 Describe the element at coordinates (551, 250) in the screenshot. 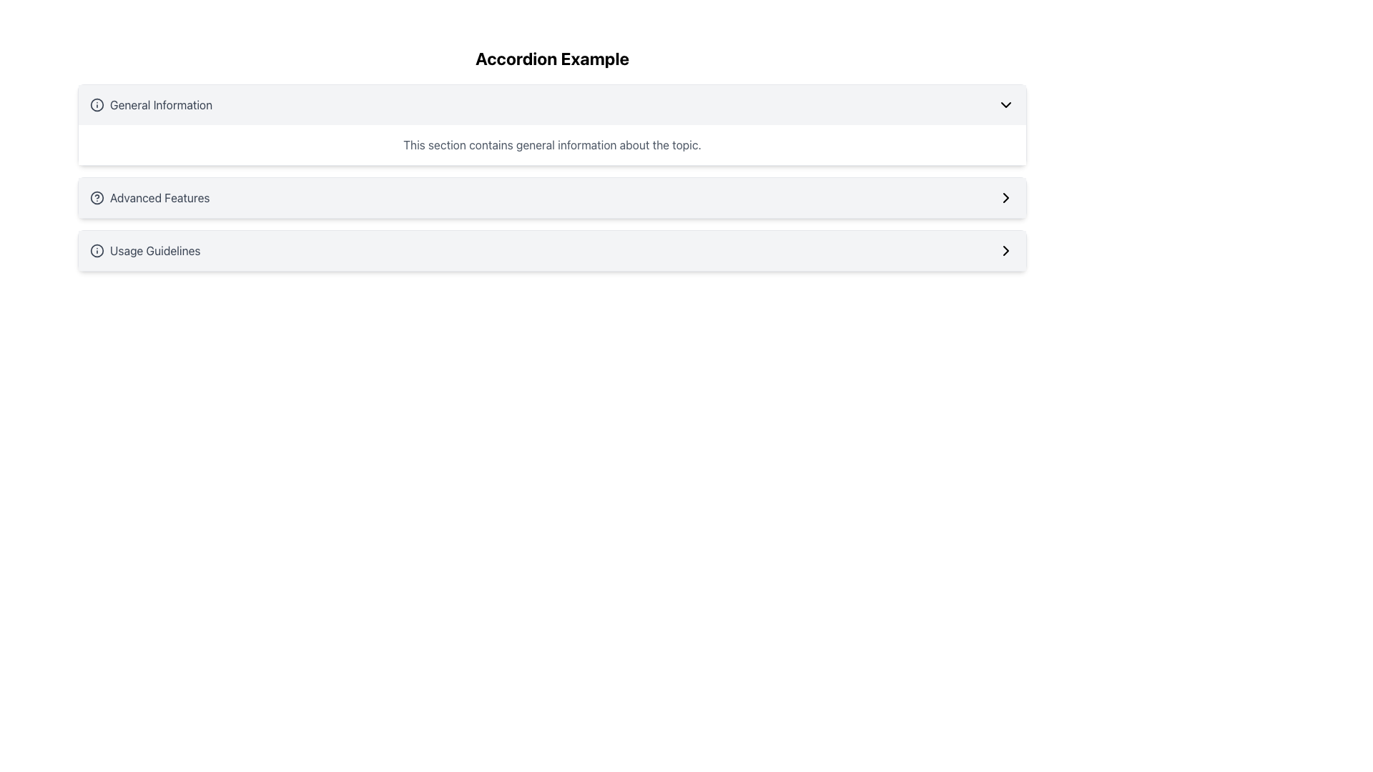

I see `the Collapsible Section Button for 'Usage Guidelines', which is the third item in the list below 'Advanced Features'` at that location.